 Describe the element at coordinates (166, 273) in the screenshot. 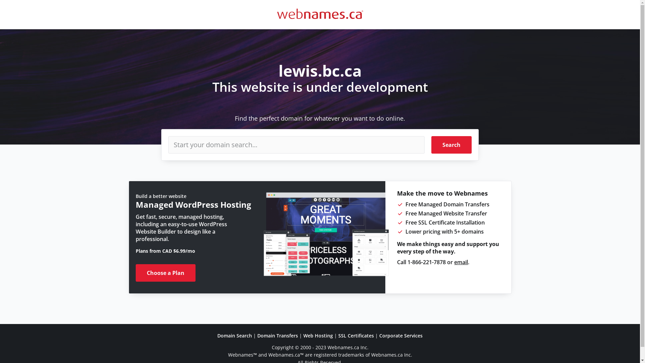

I see `'Choose a Plan'` at that location.